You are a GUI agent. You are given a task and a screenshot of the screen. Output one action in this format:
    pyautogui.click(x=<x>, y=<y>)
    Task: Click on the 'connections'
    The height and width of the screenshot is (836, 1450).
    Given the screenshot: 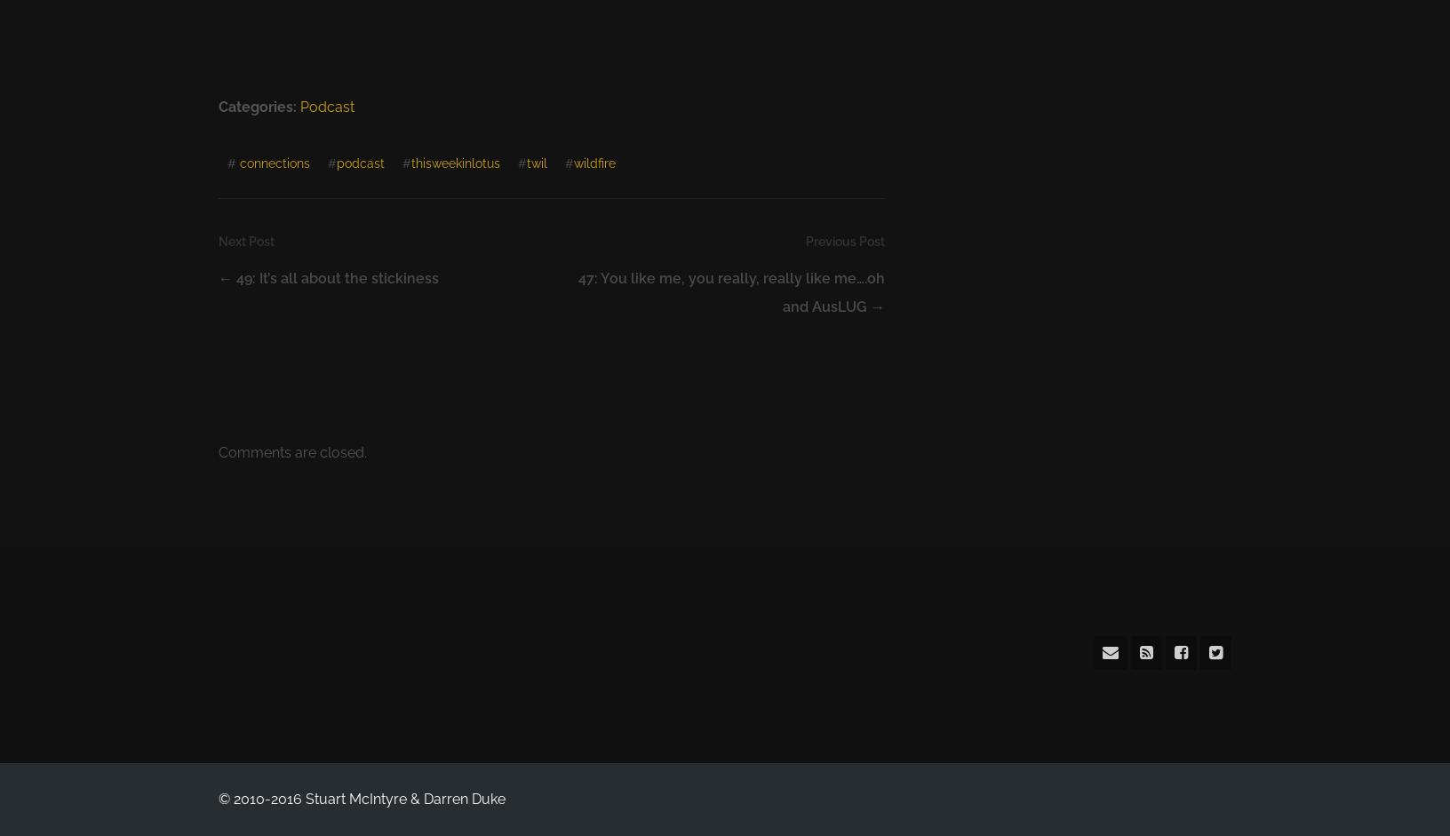 What is the action you would take?
    pyautogui.click(x=275, y=163)
    